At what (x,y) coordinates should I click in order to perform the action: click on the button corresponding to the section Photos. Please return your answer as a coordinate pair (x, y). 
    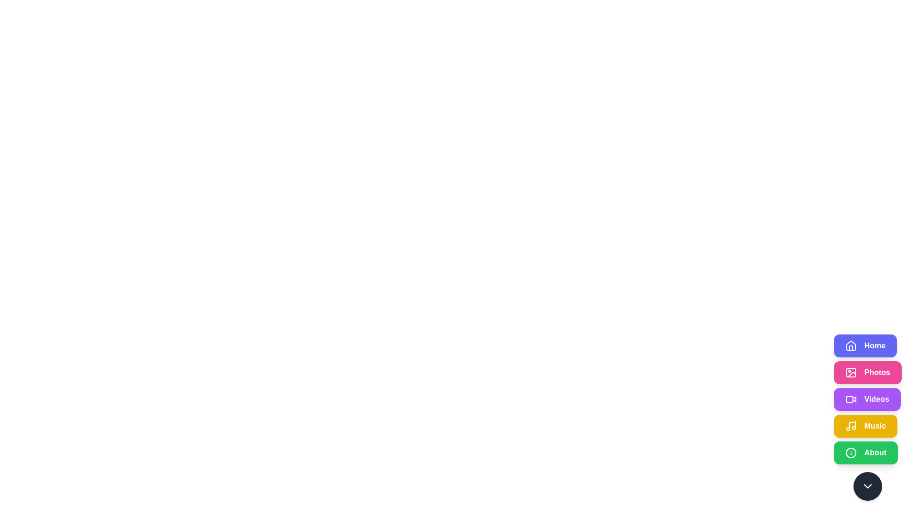
    Looking at the image, I should click on (867, 372).